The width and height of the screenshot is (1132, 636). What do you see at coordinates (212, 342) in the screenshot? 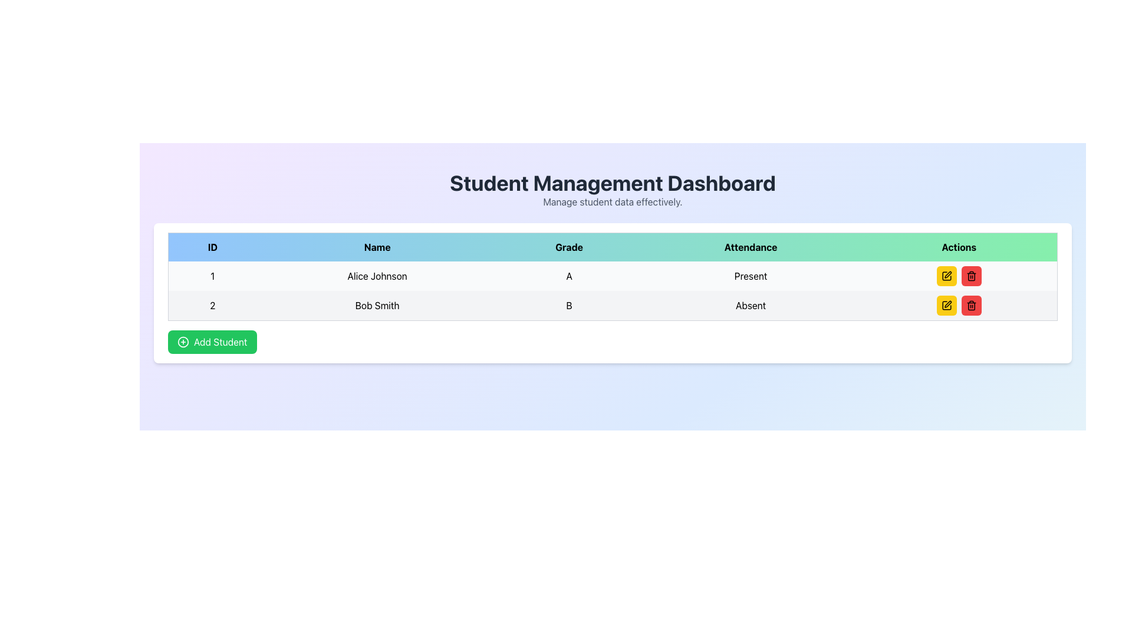
I see `the 'Add Student' button located below the 'Student Management Dashboard' table` at bounding box center [212, 342].